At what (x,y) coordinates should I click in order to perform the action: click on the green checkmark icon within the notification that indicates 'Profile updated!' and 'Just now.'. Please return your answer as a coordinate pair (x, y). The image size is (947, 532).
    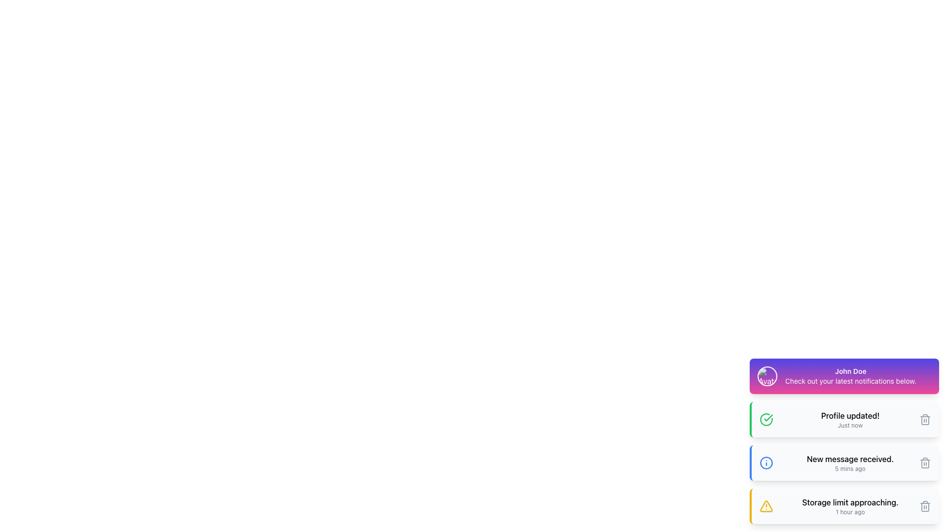
    Looking at the image, I should click on (768, 418).